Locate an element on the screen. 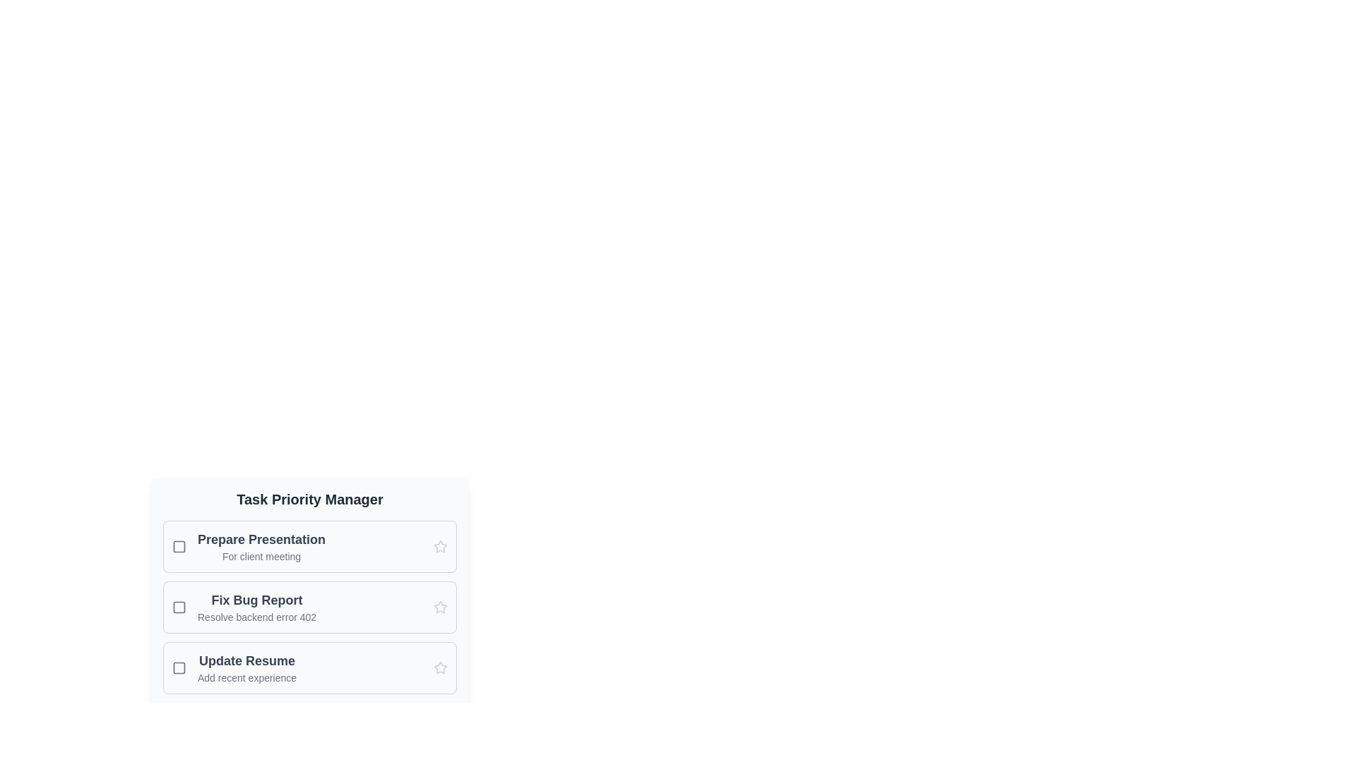 The height and width of the screenshot is (762, 1356). the star icon located at the far right of the 'Update Resume' task row is located at coordinates (440, 667).